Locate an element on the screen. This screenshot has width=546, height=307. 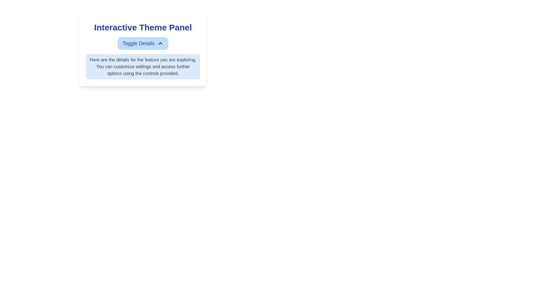
the informational text box that provides specific details about a feature, located below the 'Toggle Details' button is located at coordinates (143, 67).